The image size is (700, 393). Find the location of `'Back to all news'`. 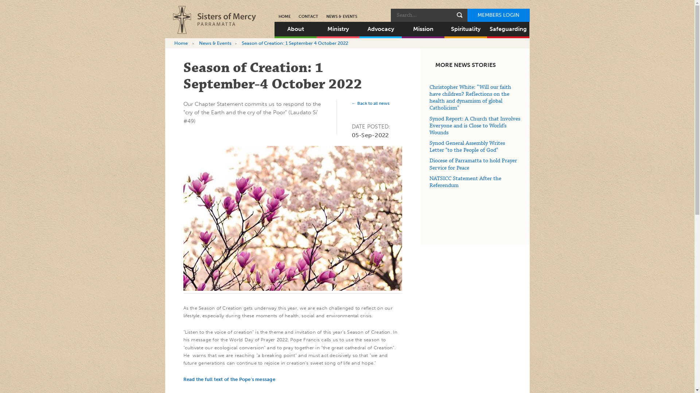

'Back to all news' is located at coordinates (370, 103).